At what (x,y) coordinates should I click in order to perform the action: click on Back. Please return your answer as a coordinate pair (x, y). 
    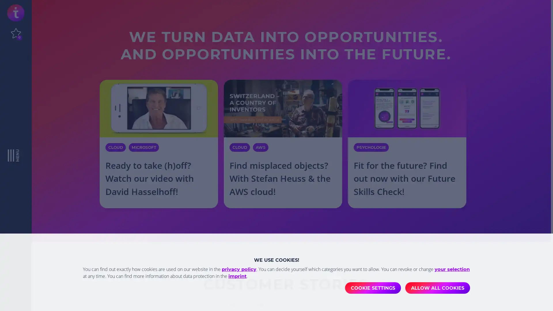
    Looking at the image, I should click on (89, 297).